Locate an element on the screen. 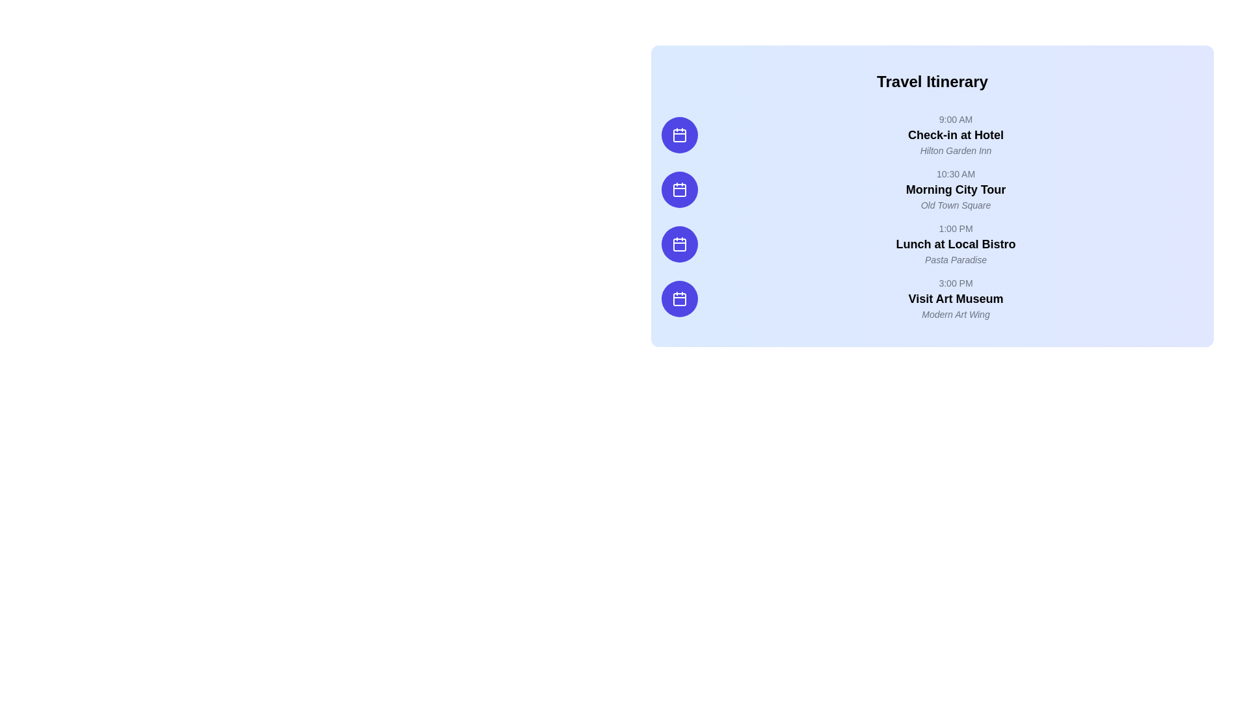 Image resolution: width=1249 pixels, height=702 pixels. the static text label displaying the time '9:00 AM' in light gray font, located at the top of the itinerary items group is located at coordinates (956, 120).